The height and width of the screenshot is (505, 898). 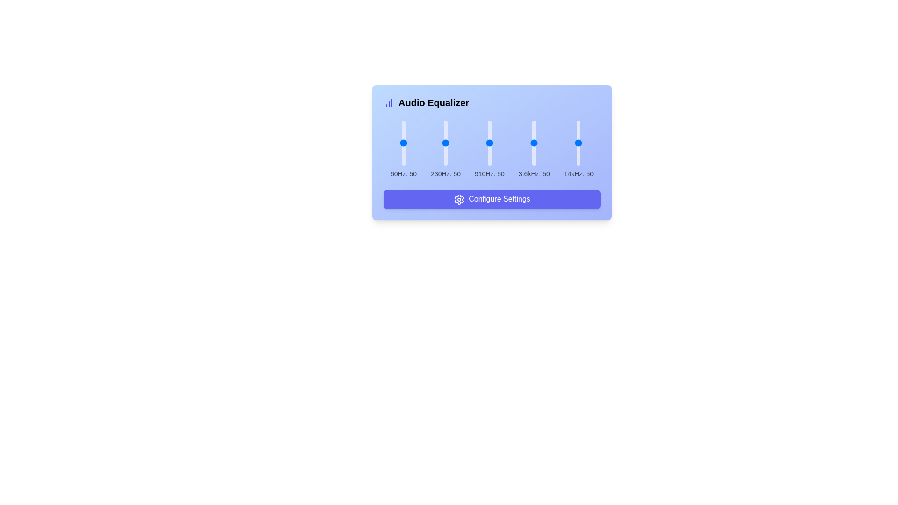 What do you see at coordinates (578, 159) in the screenshot?
I see `the 14kHz equalizer` at bounding box center [578, 159].